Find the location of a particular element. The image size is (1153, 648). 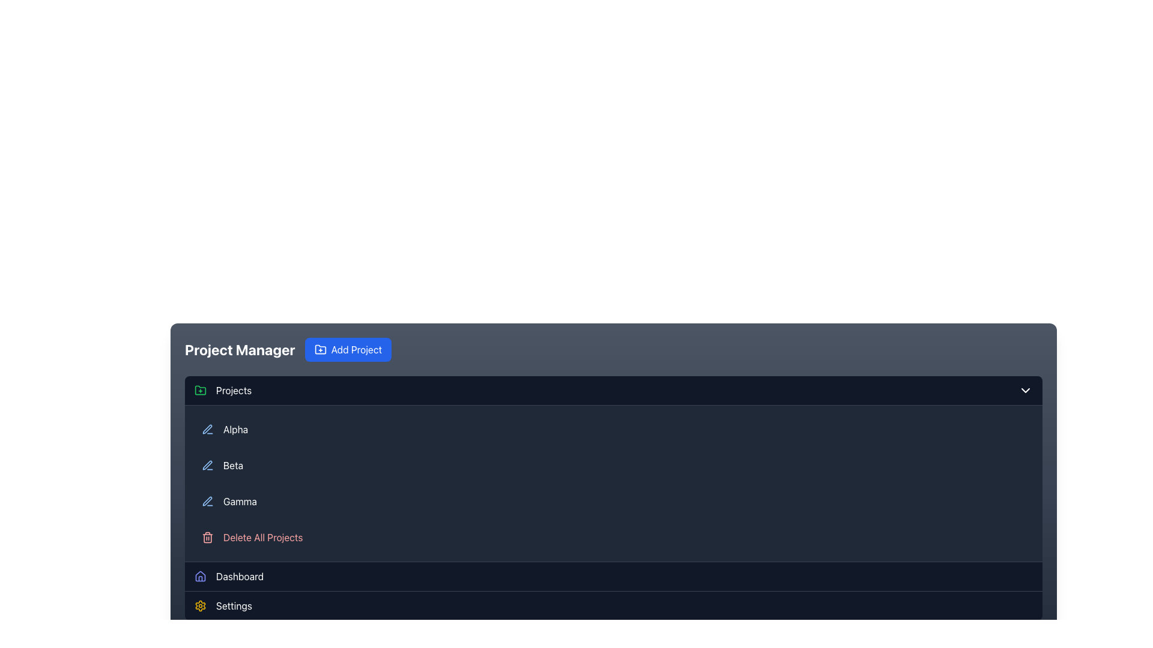

the blue pen icon located to the left of the text 'Alpha' in the highlighted list item is located at coordinates (207, 429).